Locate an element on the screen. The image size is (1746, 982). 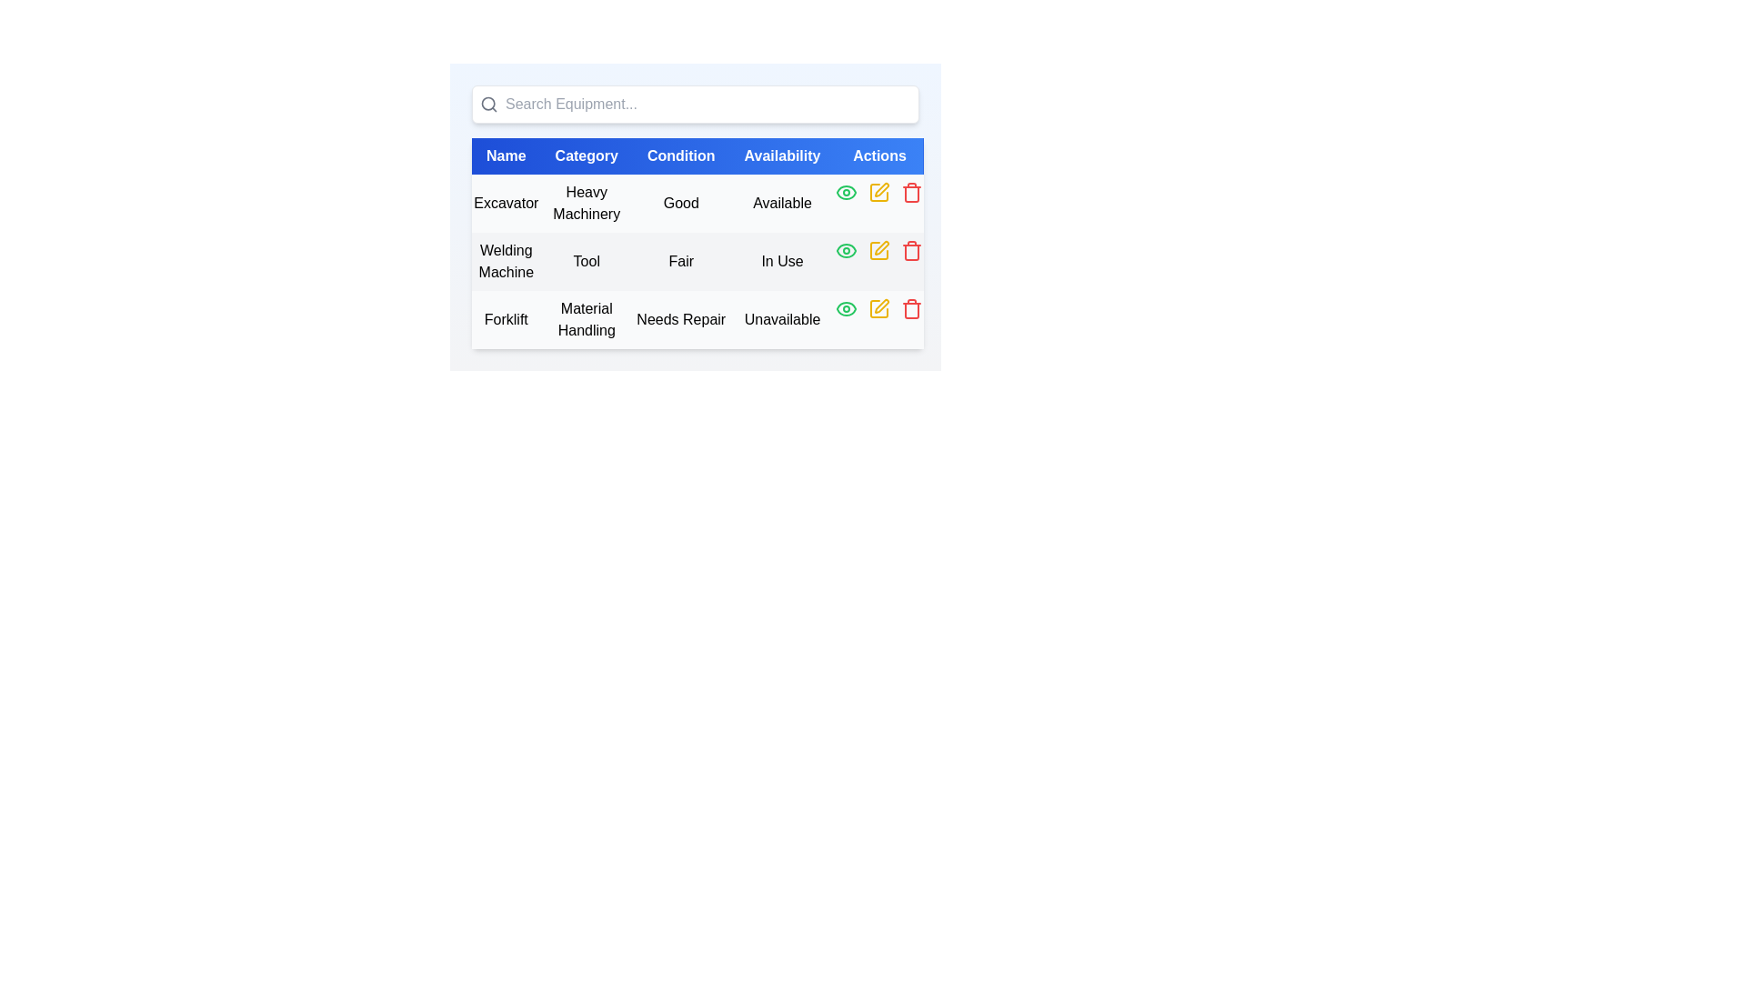
the yellow pencil icon in the 'Actions' column of the first row of the table is located at coordinates (879, 193).